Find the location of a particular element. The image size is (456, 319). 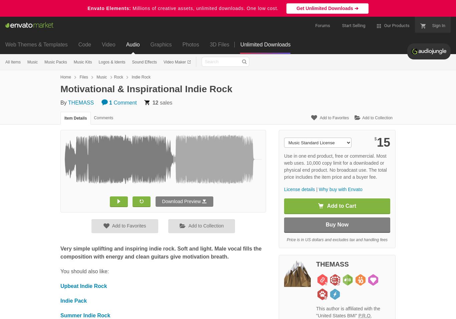

'Forums' is located at coordinates (315, 25).